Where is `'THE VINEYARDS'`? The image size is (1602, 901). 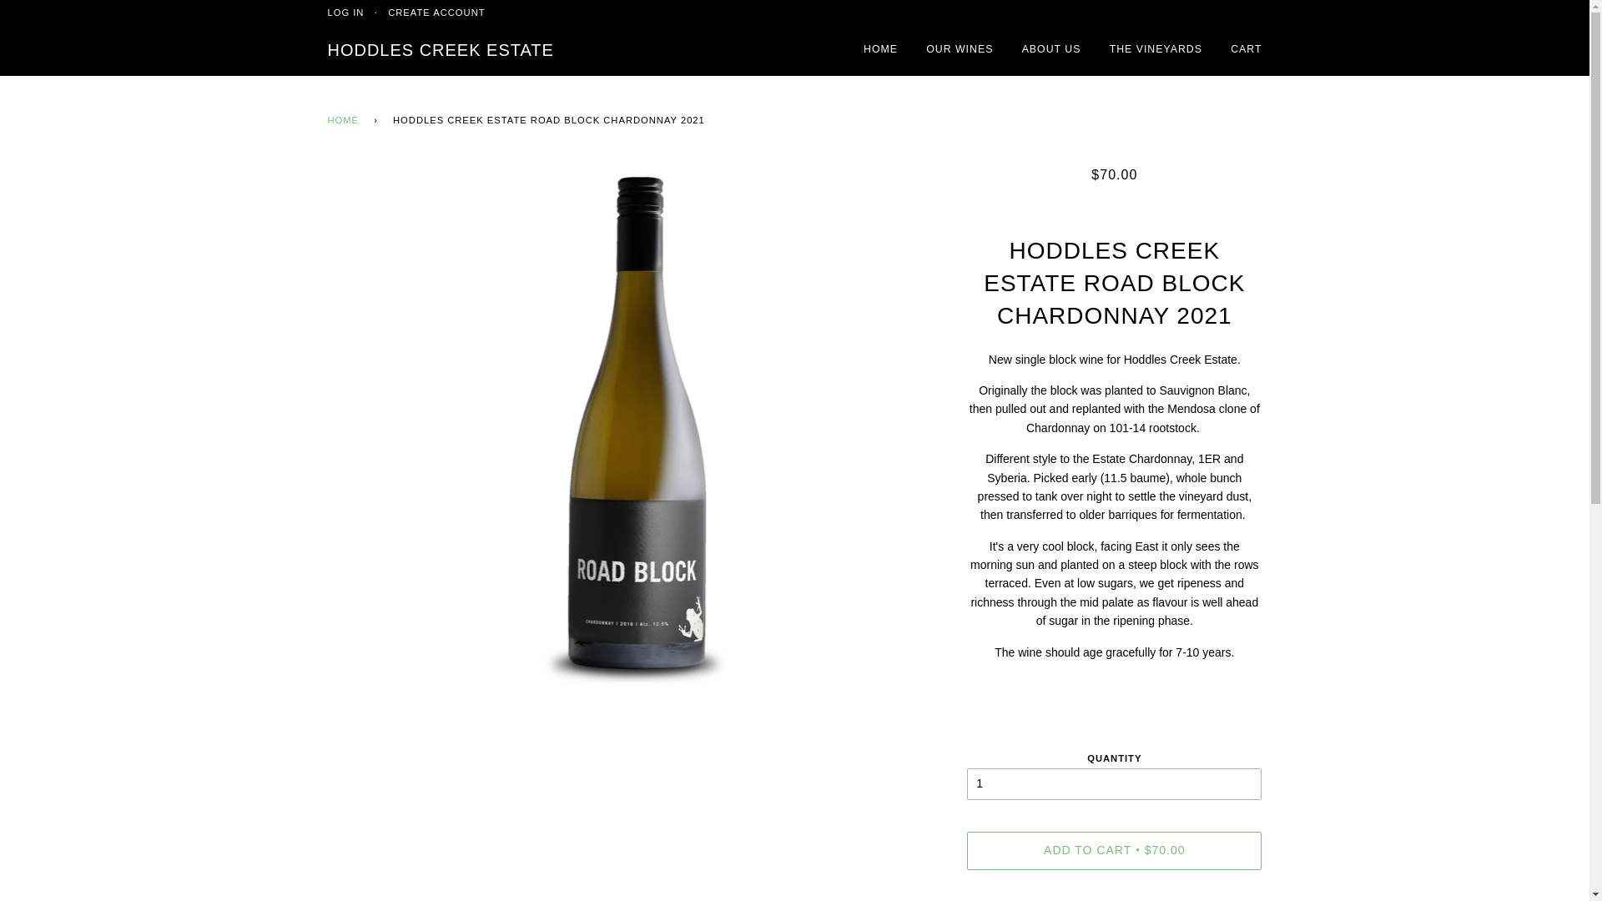
'THE VINEYARDS' is located at coordinates (1155, 49).